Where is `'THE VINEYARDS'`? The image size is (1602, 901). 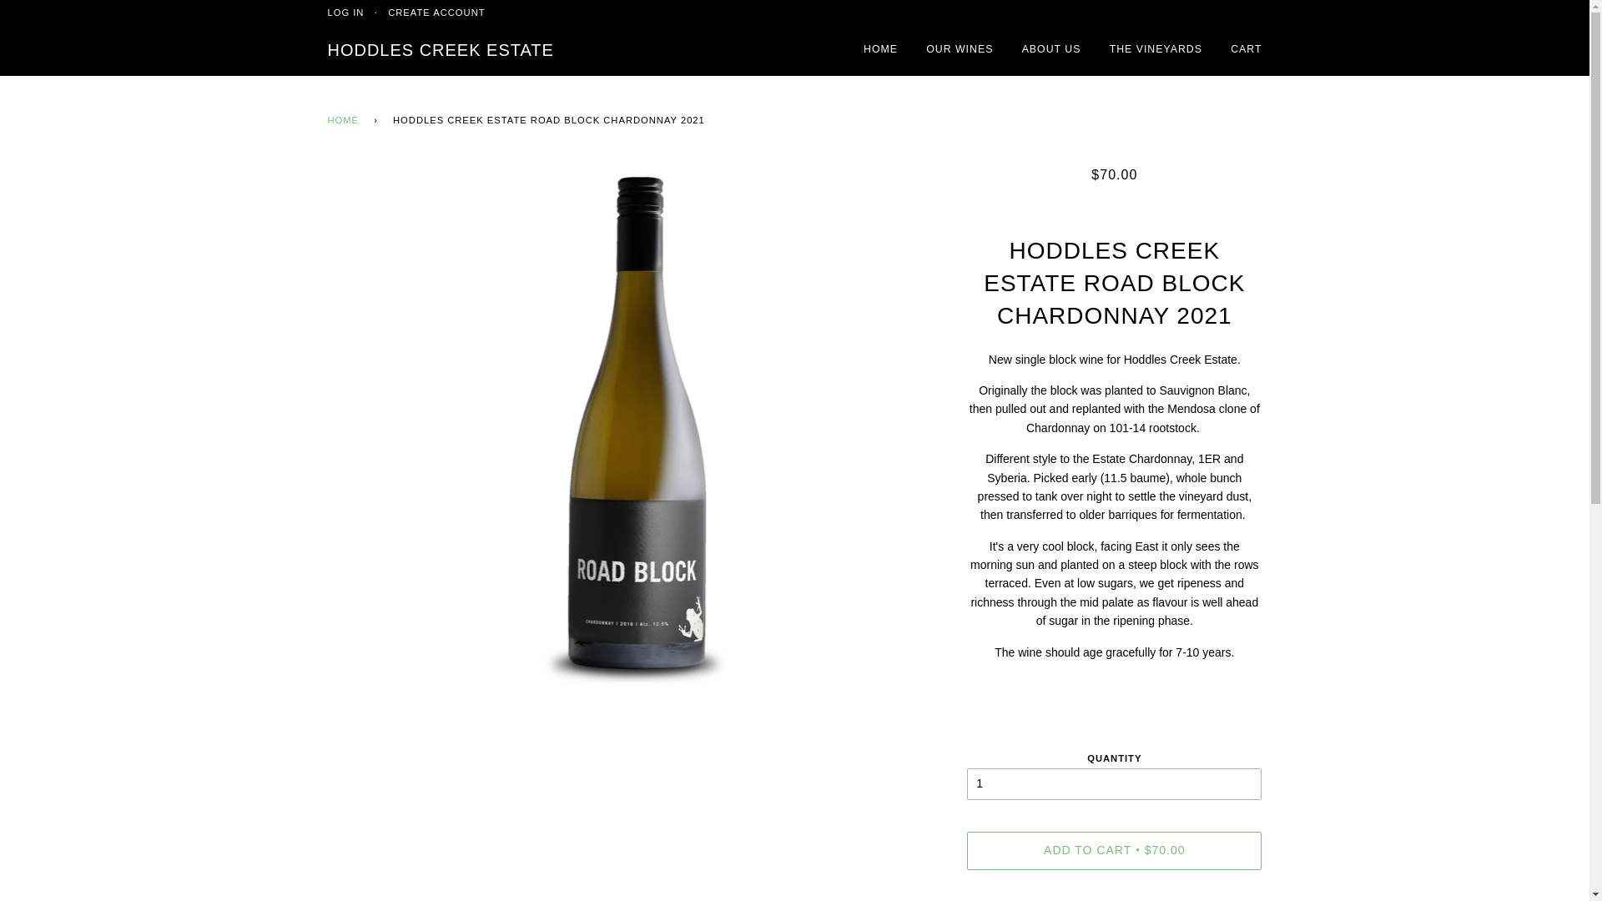
'THE VINEYARDS' is located at coordinates (1155, 49).